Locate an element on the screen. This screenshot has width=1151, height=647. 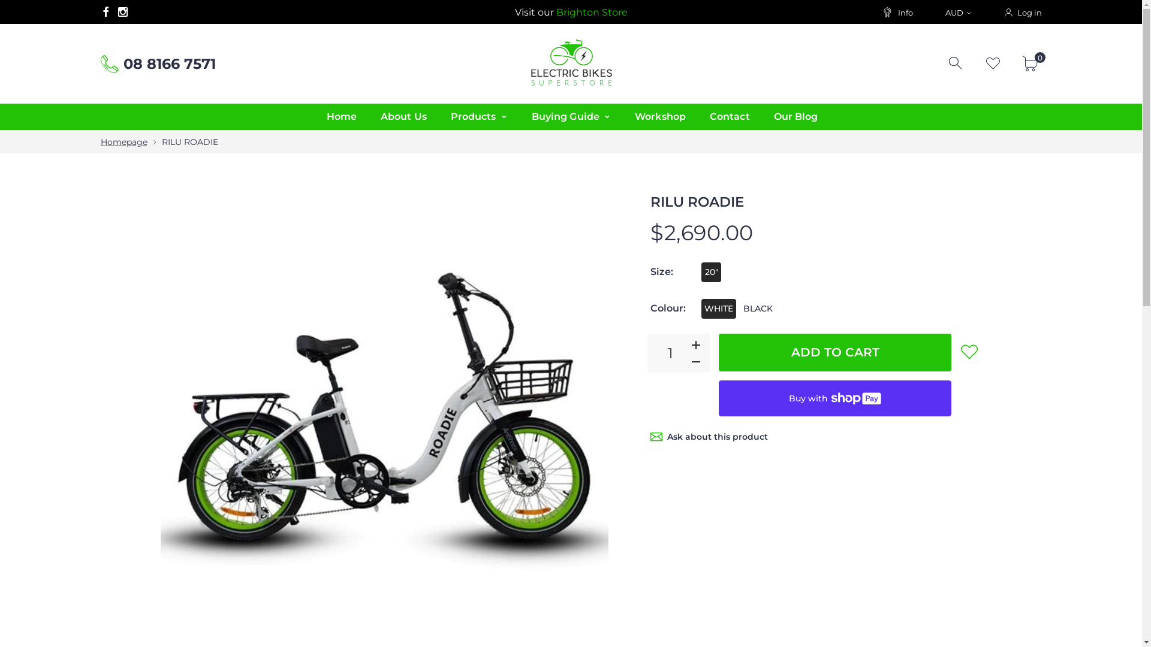
'Add To Wishlist' is located at coordinates (969, 350).